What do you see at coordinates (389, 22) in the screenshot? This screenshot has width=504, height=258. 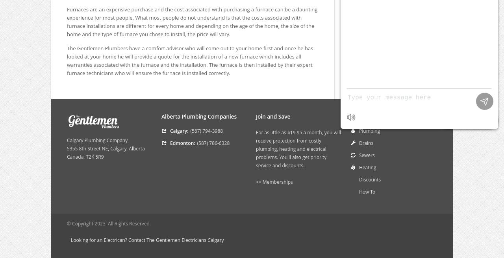 I see `'Bio Smart Eco Friendly Drain Cleaner'` at bounding box center [389, 22].